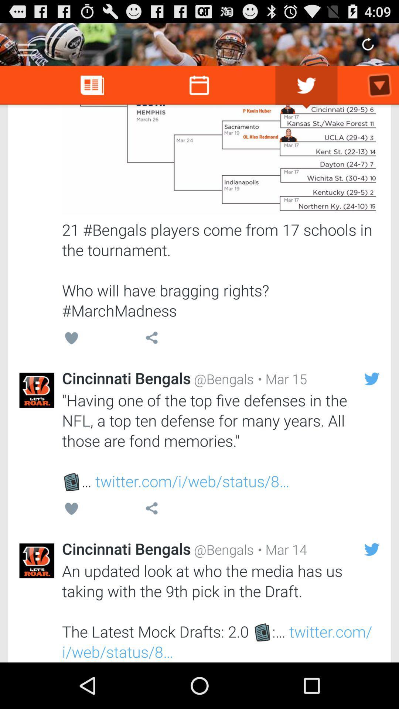 The width and height of the screenshot is (399, 709). What do you see at coordinates (220, 611) in the screenshot?
I see `icon below cincinnati bengals item` at bounding box center [220, 611].